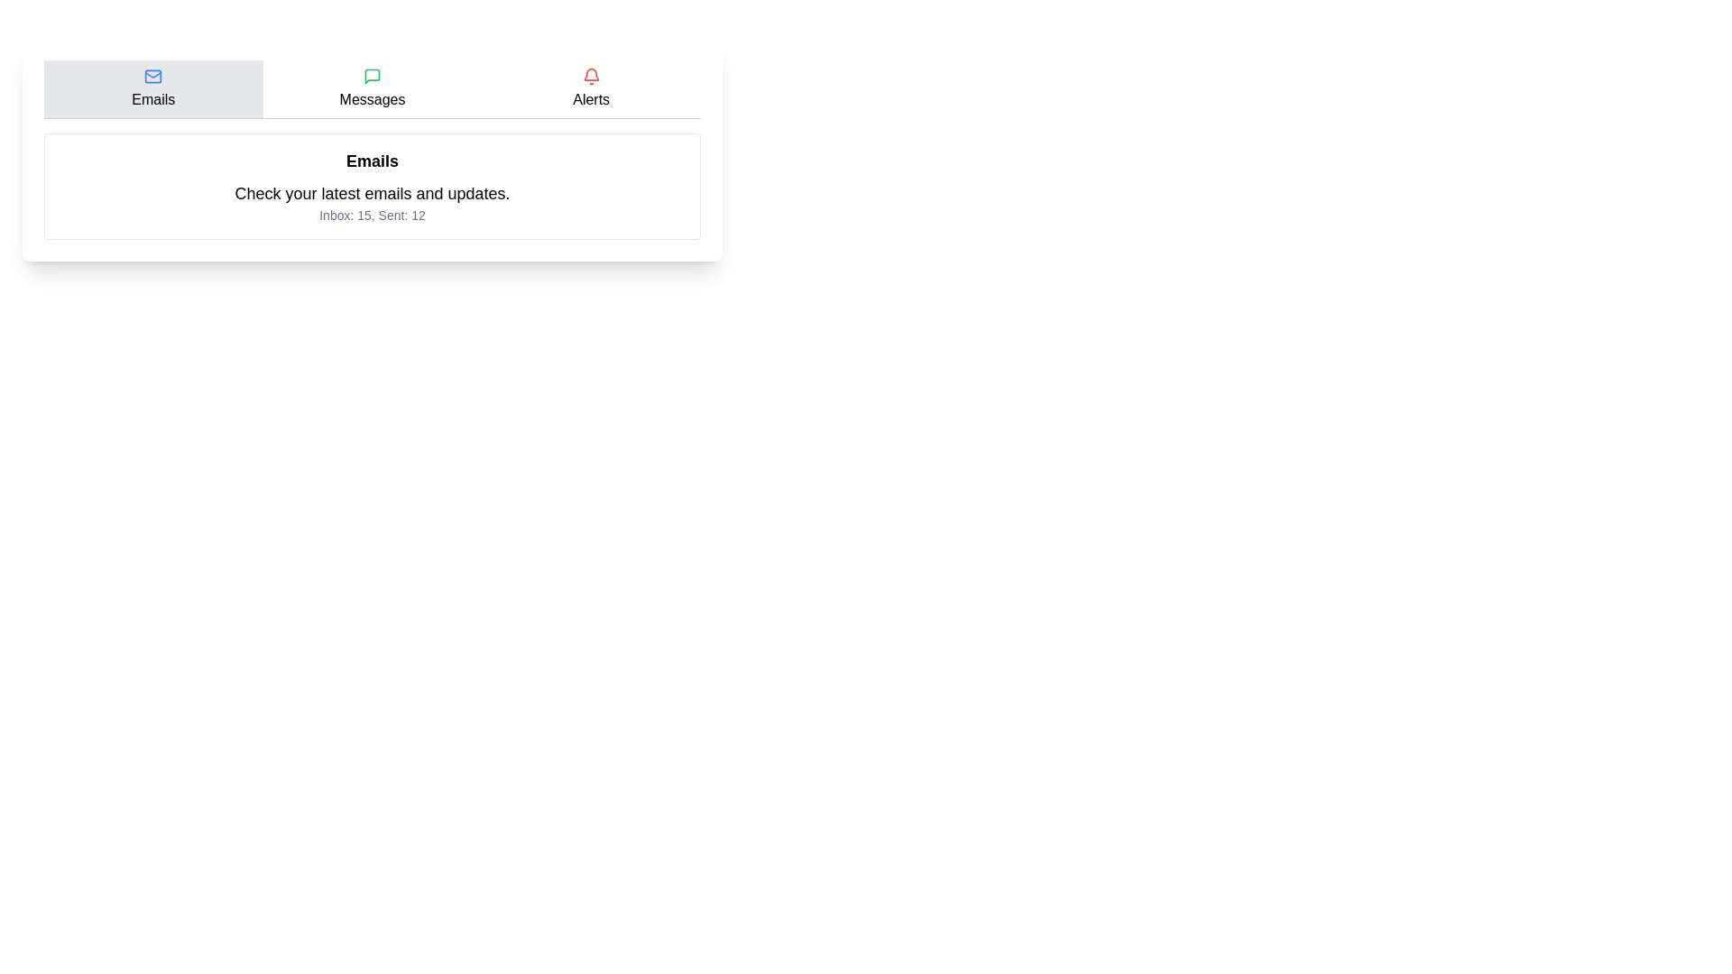 The height and width of the screenshot is (974, 1732). What do you see at coordinates (152, 89) in the screenshot?
I see `the tab labeled Emails to observe its hover effect` at bounding box center [152, 89].